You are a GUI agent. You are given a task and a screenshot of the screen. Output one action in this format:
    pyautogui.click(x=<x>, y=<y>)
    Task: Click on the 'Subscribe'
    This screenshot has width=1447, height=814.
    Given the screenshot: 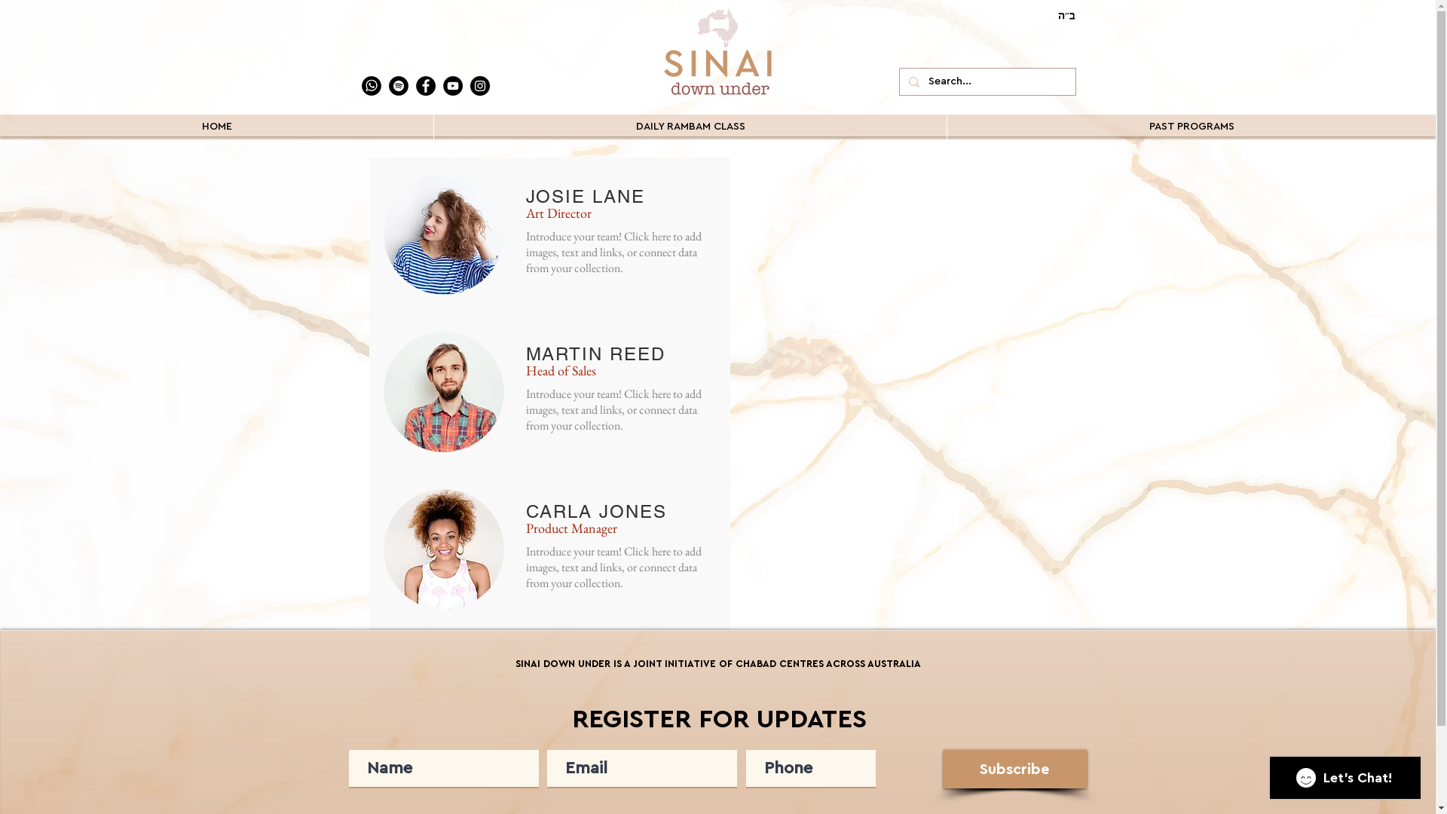 What is the action you would take?
    pyautogui.click(x=1015, y=769)
    